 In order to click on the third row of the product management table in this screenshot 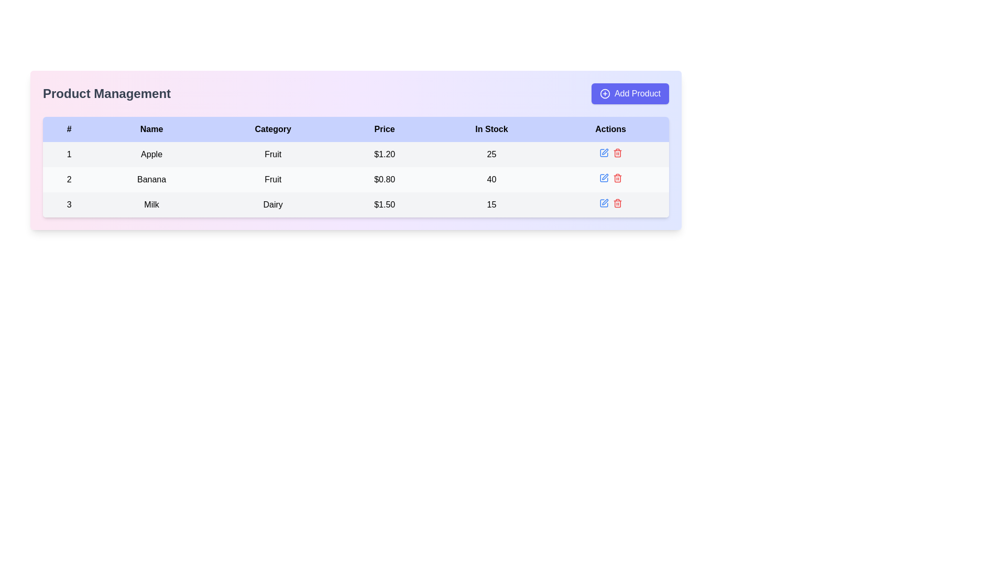, I will do `click(356, 204)`.